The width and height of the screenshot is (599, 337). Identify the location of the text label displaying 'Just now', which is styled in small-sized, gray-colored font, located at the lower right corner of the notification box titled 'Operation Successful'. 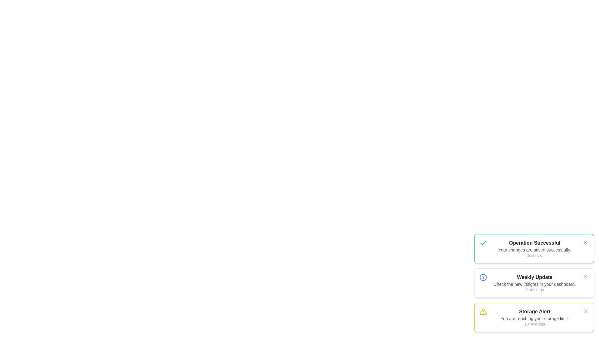
(534, 255).